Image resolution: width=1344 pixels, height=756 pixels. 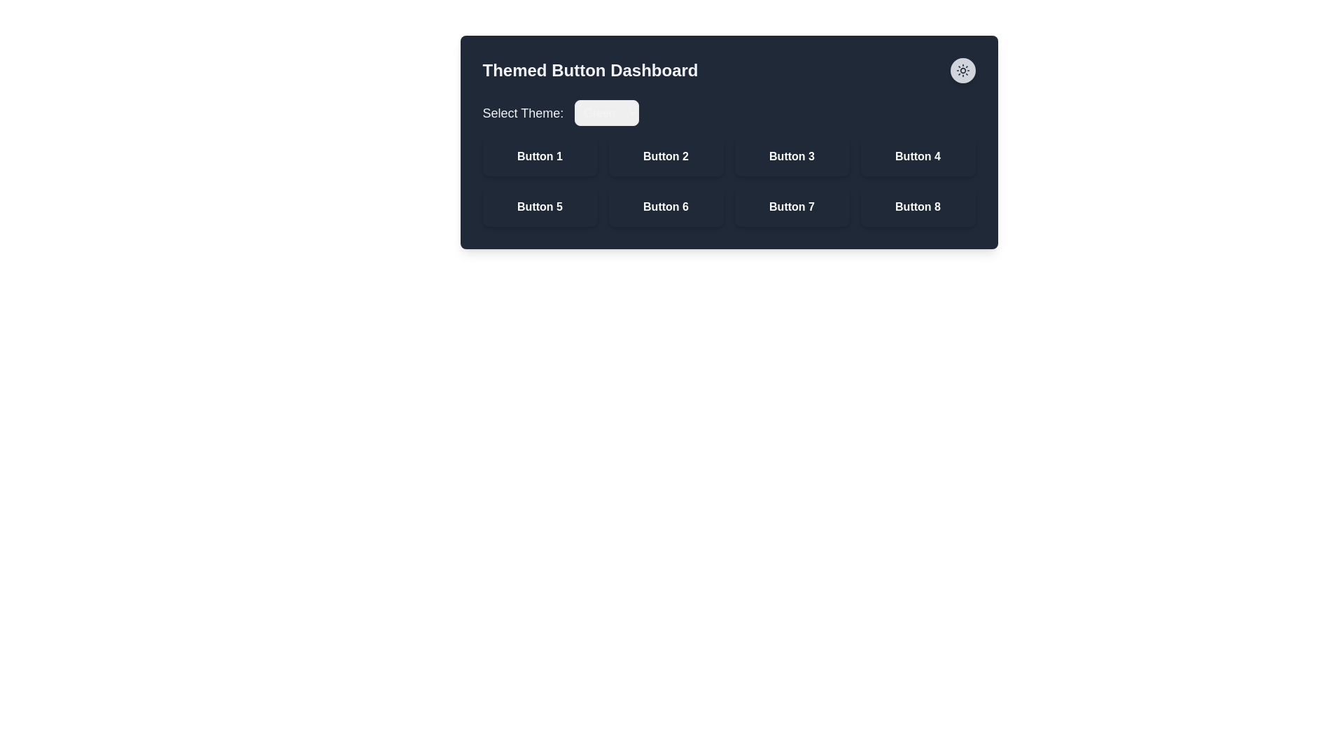 What do you see at coordinates (962, 70) in the screenshot?
I see `the circular button with a light gray background and darker gray sun icon in the upper right corner of the 'Themed Button Dashboard' panel` at bounding box center [962, 70].